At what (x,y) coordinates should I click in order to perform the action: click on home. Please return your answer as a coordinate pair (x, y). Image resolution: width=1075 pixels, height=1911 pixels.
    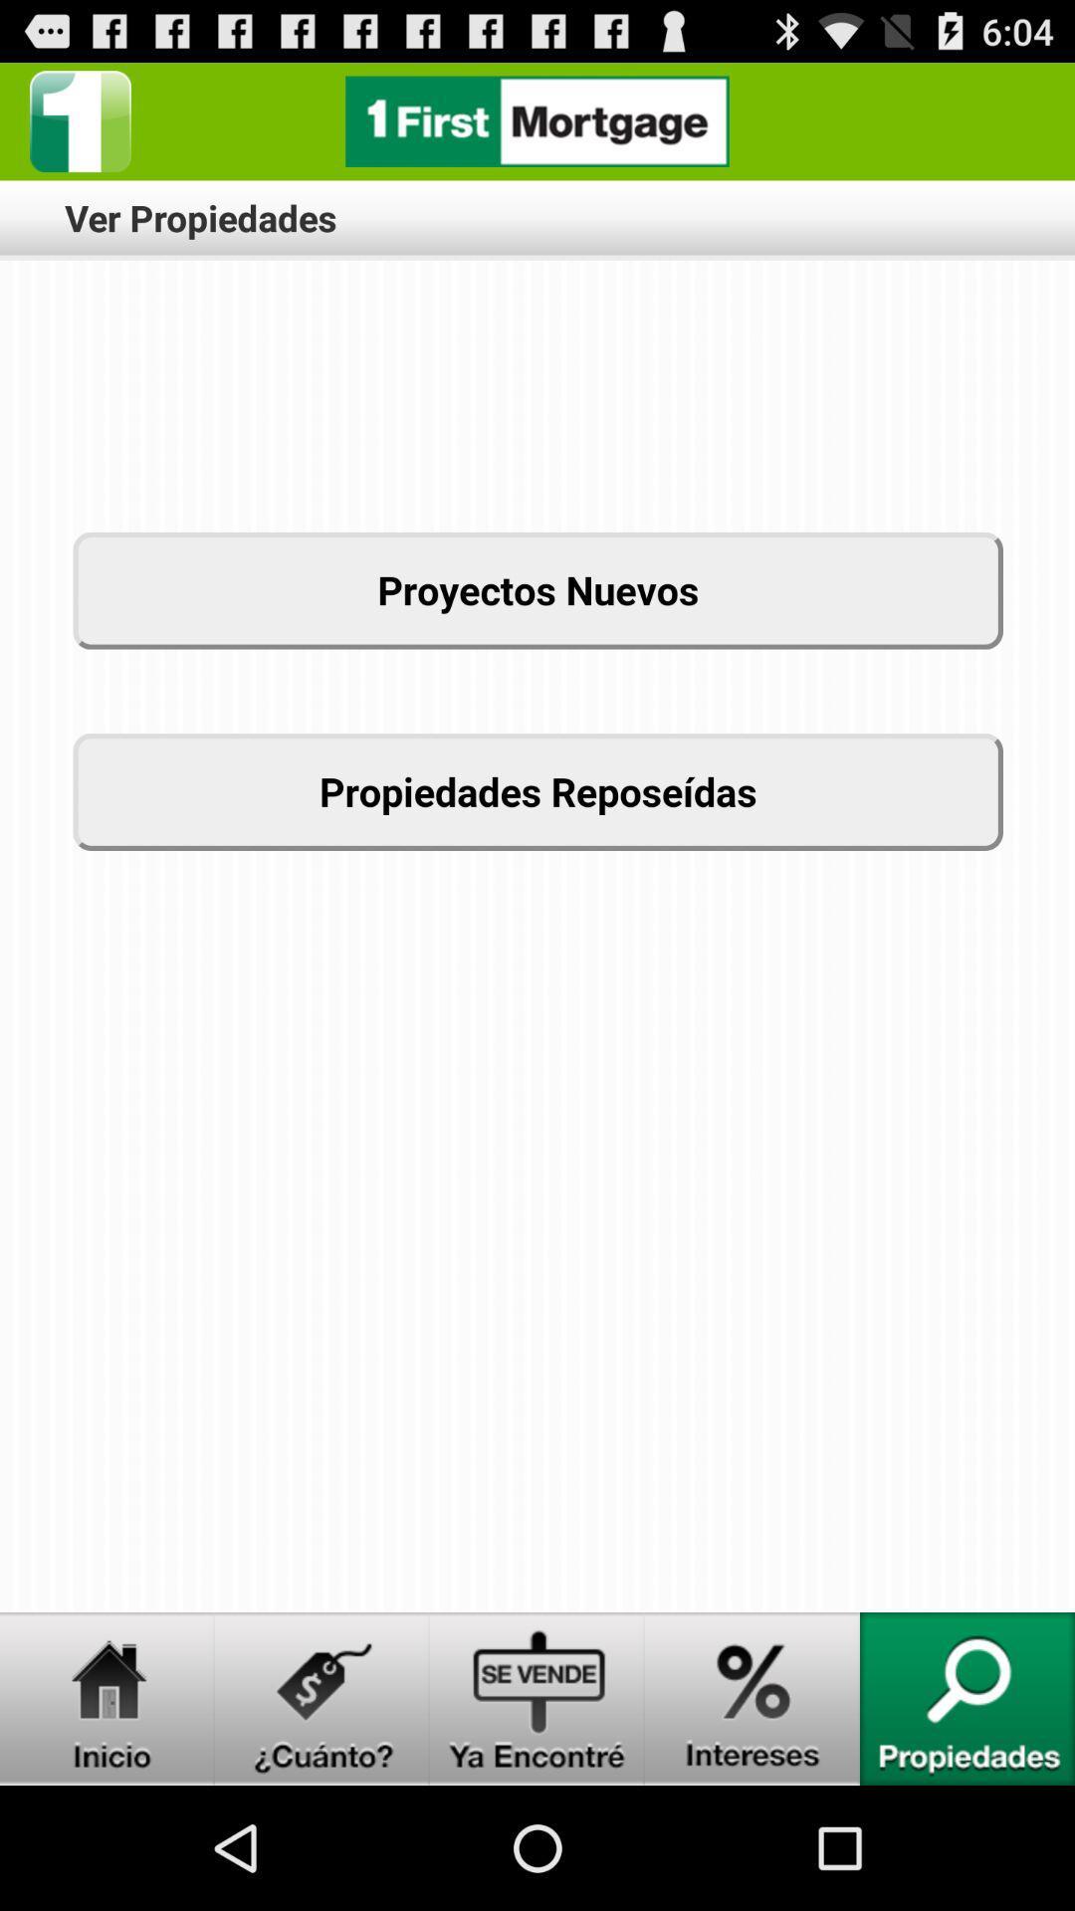
    Looking at the image, I should click on (107, 1698).